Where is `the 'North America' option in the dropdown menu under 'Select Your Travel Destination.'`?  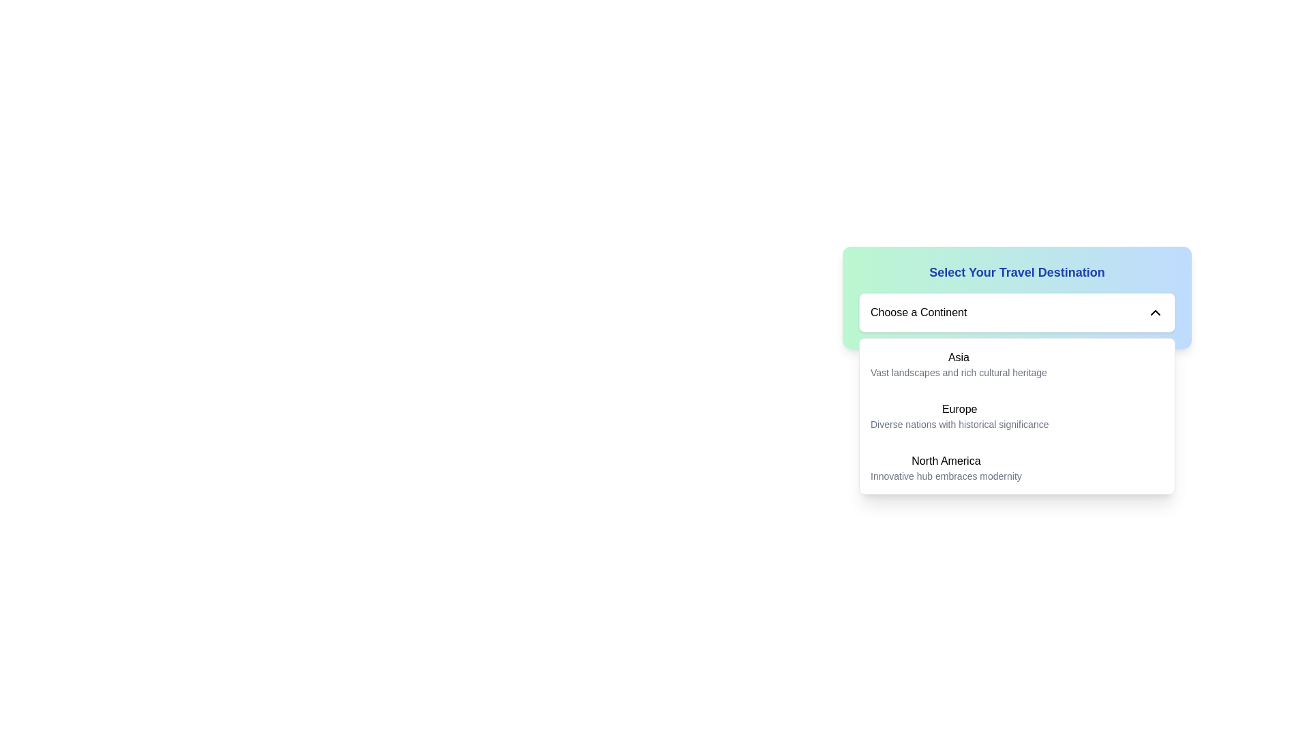
the 'North America' option in the dropdown menu under 'Select Your Travel Destination.' is located at coordinates (945, 467).